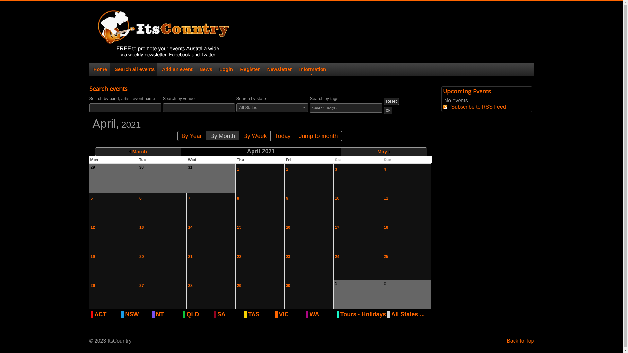  I want to click on 'Newsletter', so click(279, 69).